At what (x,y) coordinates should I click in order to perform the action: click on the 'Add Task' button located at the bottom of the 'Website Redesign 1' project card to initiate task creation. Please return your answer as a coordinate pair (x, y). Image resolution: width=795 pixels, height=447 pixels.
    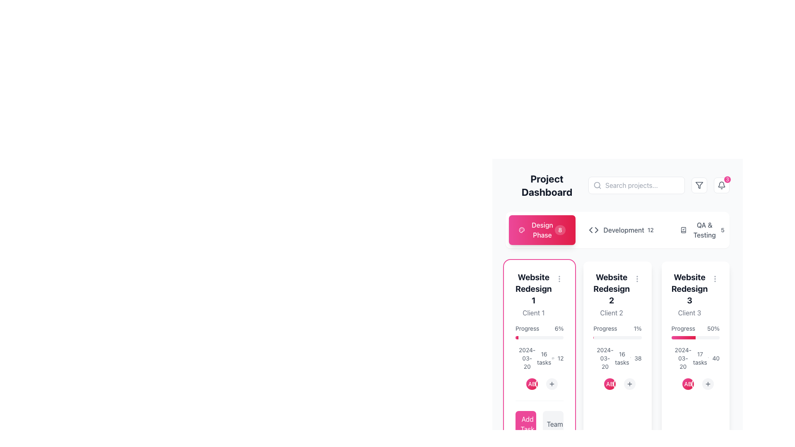
    Looking at the image, I should click on (540, 419).